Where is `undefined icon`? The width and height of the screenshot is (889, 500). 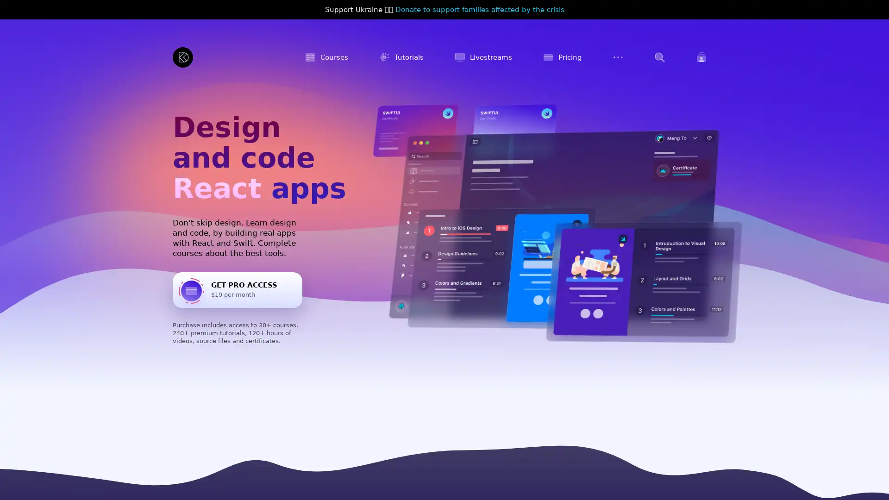 undefined icon is located at coordinates (701, 57).